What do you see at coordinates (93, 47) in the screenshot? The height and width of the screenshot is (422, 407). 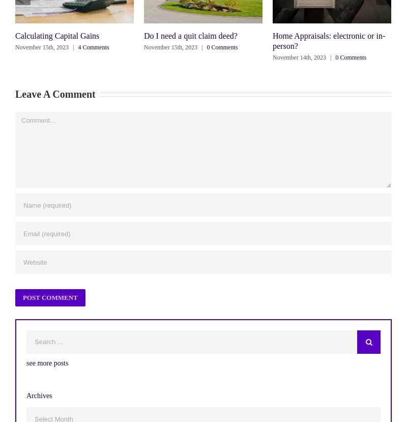 I see `'4 Comments'` at bounding box center [93, 47].